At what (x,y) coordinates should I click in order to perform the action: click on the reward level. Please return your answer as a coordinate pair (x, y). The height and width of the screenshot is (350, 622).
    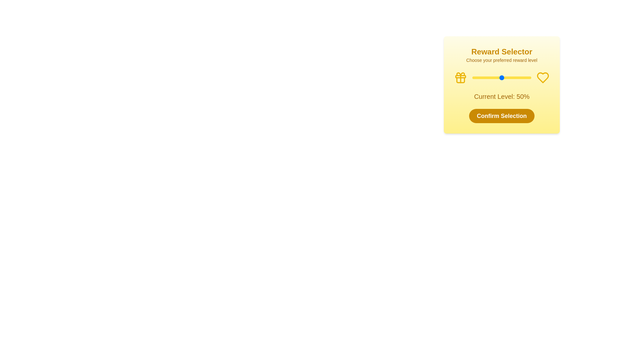
    Looking at the image, I should click on (513, 77).